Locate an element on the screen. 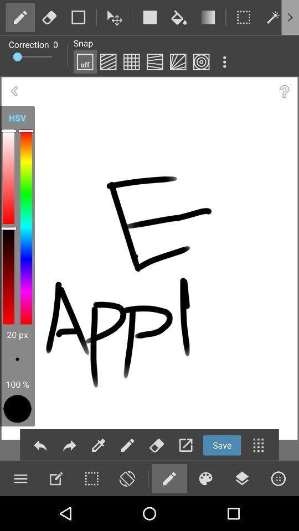 The image size is (299, 531). more is located at coordinates (224, 62).